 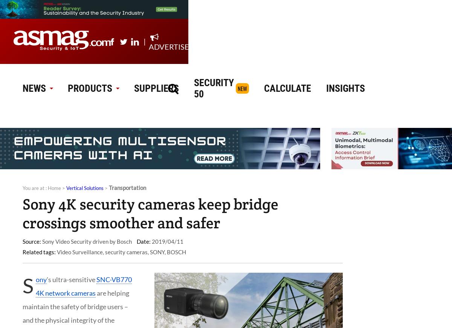 I want to click on '2019/04/11', so click(x=150, y=241).